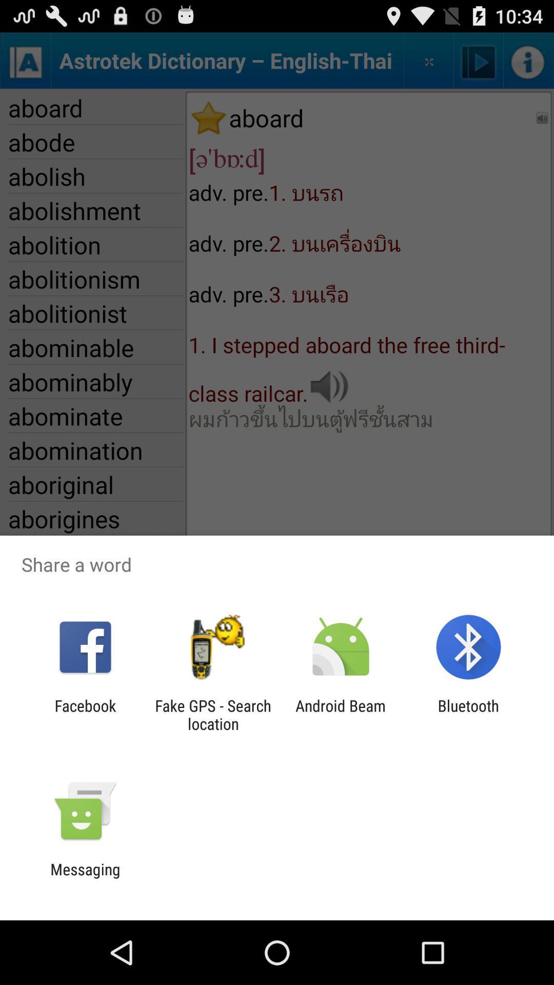  Describe the element at coordinates (341, 714) in the screenshot. I see `the android beam` at that location.